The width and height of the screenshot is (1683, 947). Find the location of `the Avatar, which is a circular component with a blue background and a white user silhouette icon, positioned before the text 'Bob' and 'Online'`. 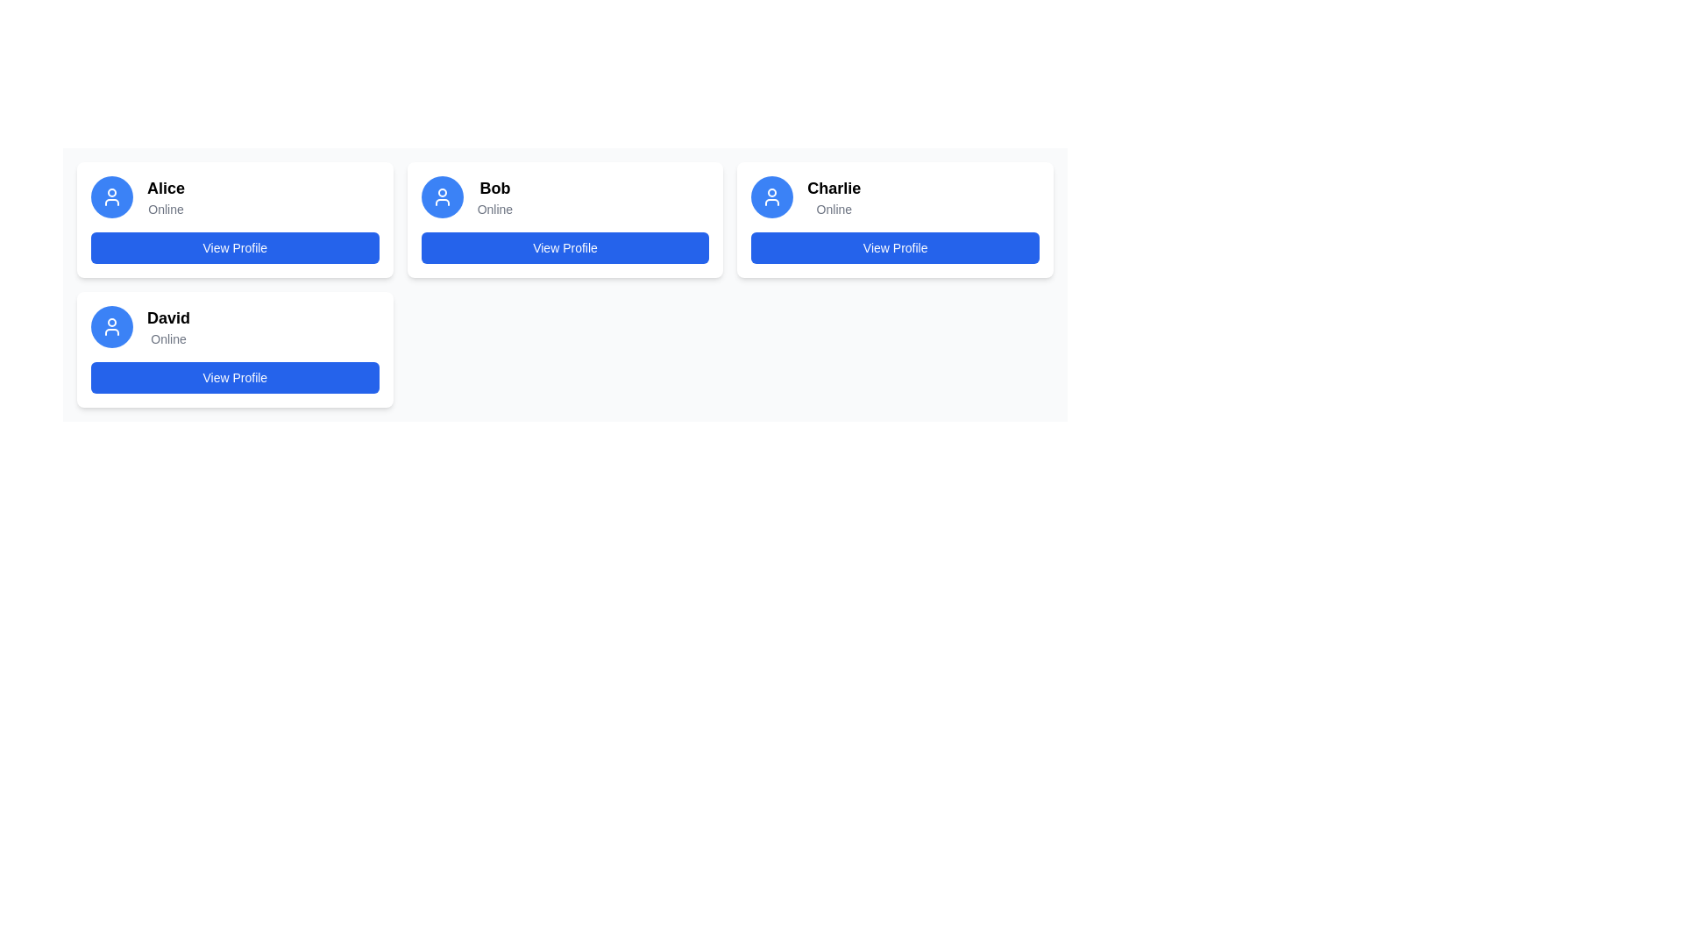

the Avatar, which is a circular component with a blue background and a white user silhouette icon, positioned before the text 'Bob' and 'Online' is located at coordinates (442, 196).